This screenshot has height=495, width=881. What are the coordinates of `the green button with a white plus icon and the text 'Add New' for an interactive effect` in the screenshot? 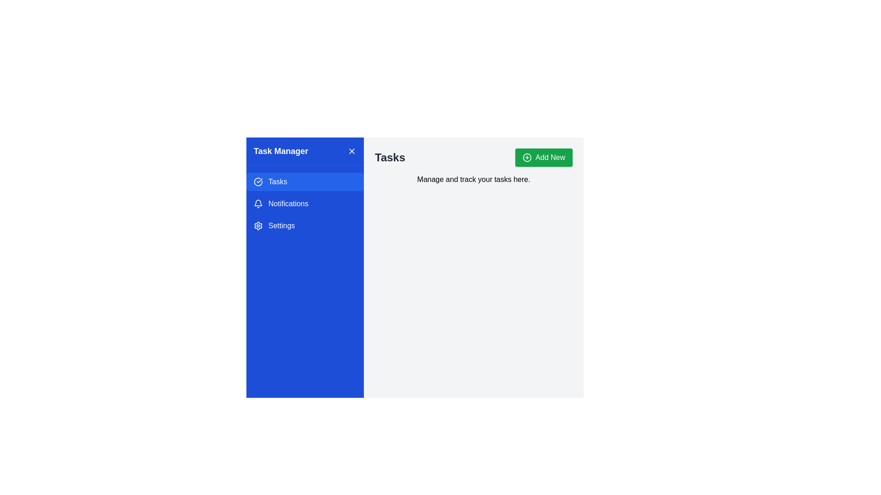 It's located at (544, 157).